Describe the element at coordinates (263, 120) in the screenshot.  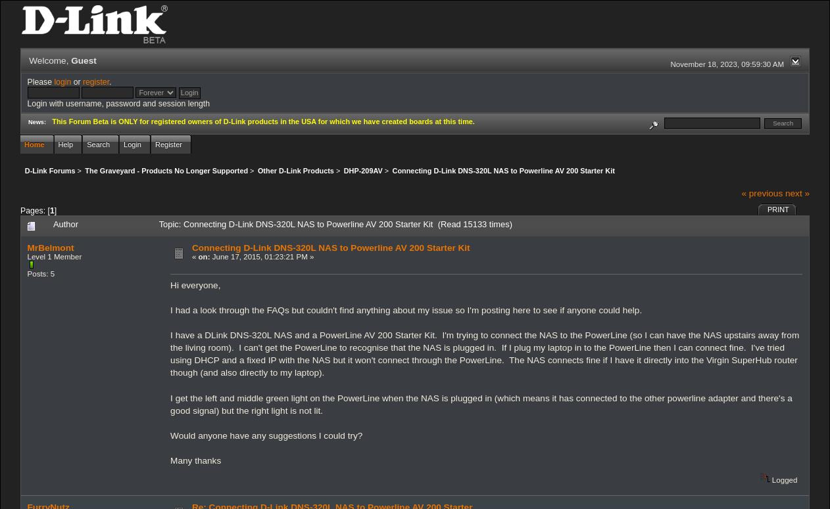
I see `'This Forum Beta is ONLY for registered owners of D-Link products in the USA for which we have created boards at this time.'` at that location.